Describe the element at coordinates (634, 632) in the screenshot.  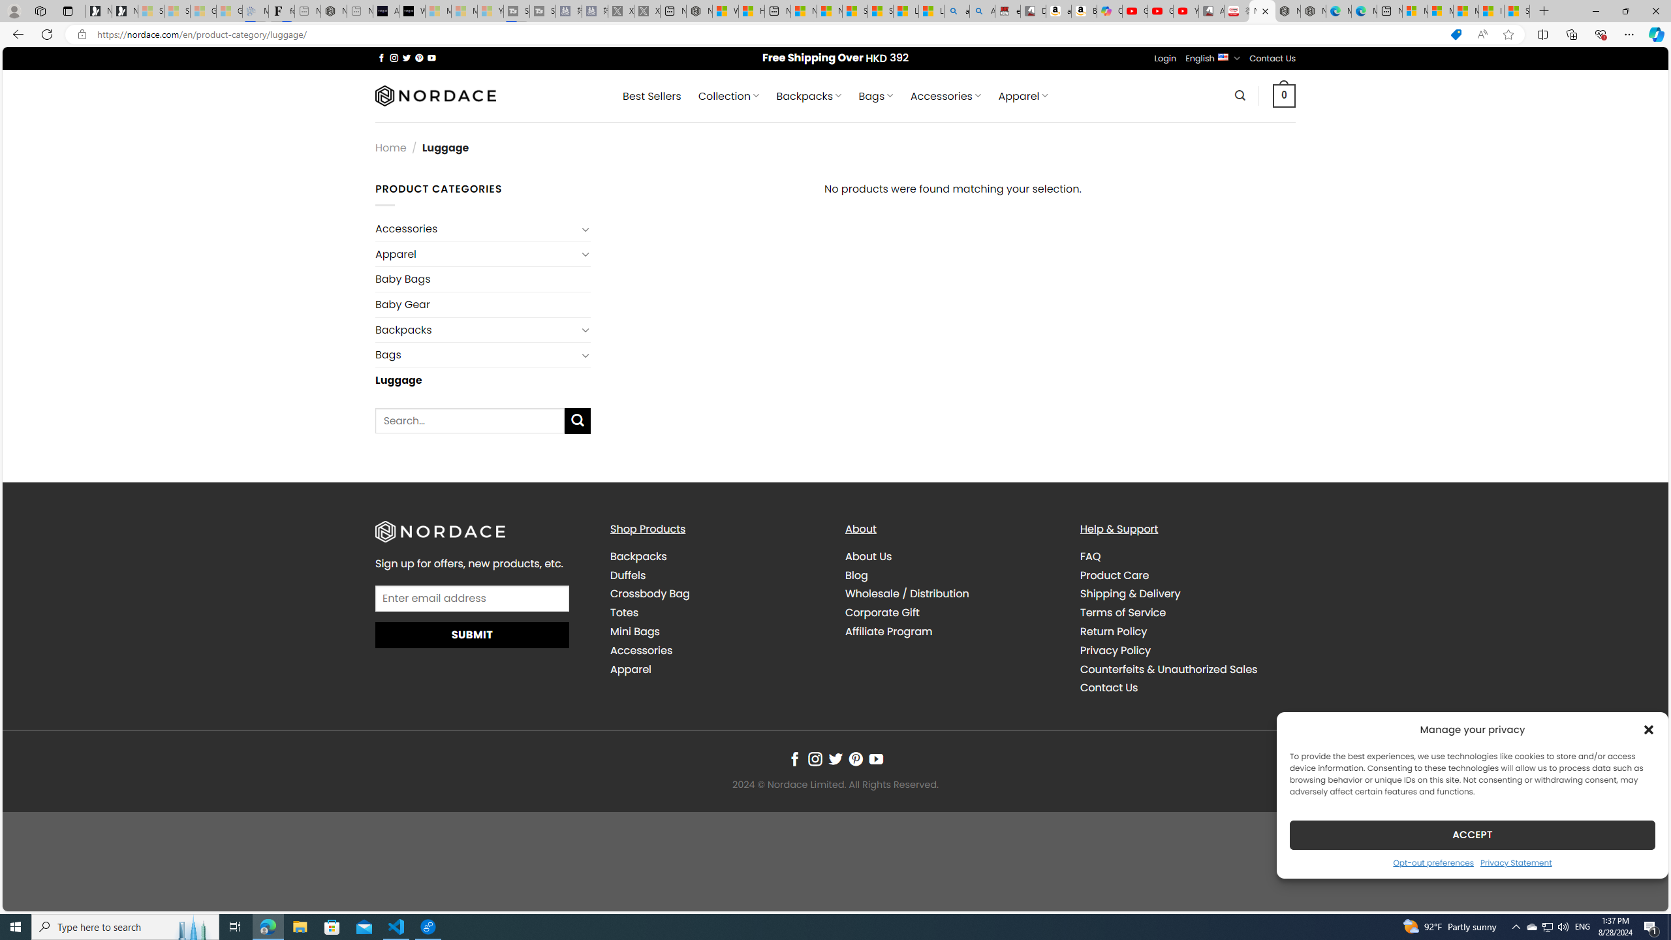
I see `'Mini Bags'` at that location.